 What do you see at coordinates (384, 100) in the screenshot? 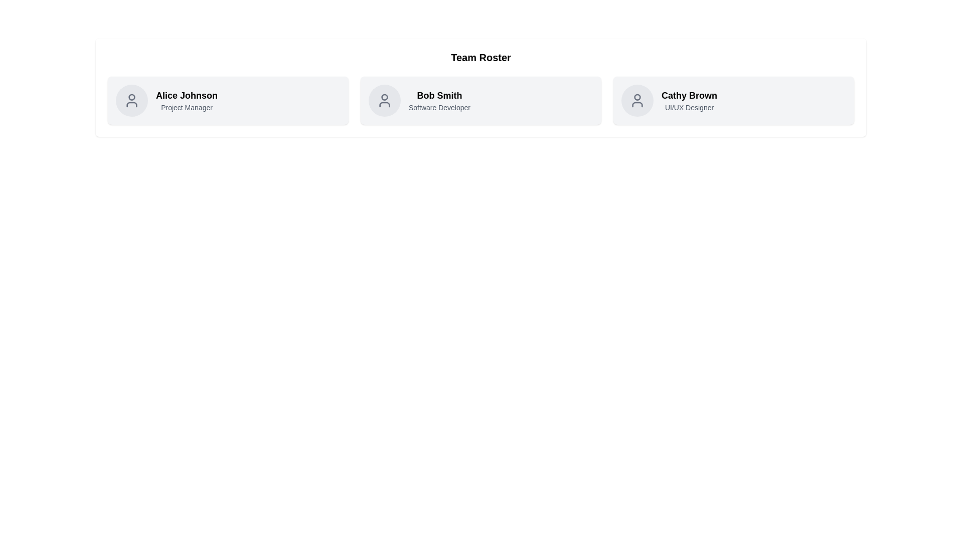
I see `the user outline icon with a gray circular background located in the left section of Bob Smith's profile card` at bounding box center [384, 100].